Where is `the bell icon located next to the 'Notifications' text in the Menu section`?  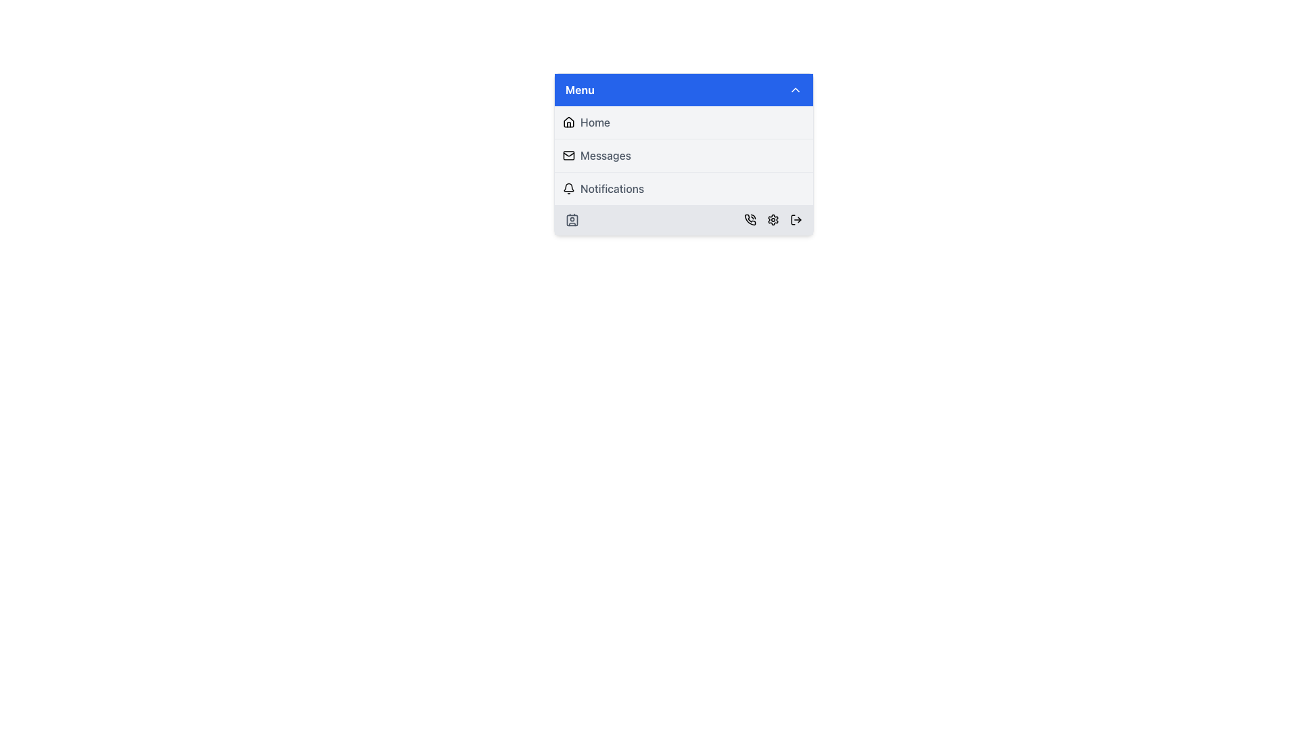 the bell icon located next to the 'Notifications' text in the Menu section is located at coordinates (568, 188).